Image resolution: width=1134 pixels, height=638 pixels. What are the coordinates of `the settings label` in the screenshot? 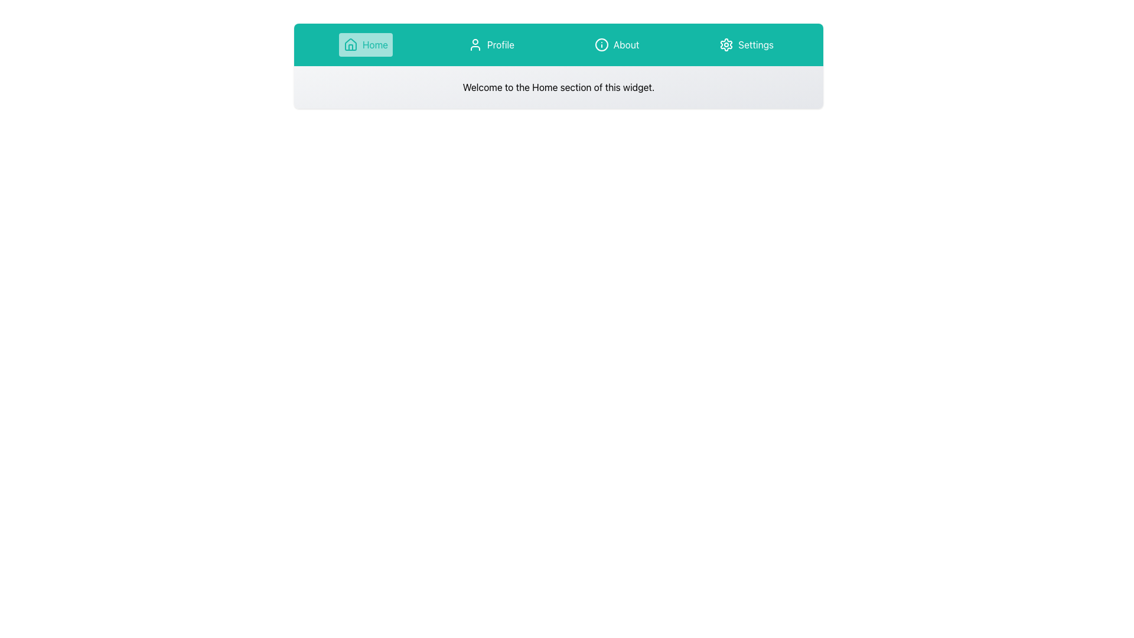 It's located at (756, 44).